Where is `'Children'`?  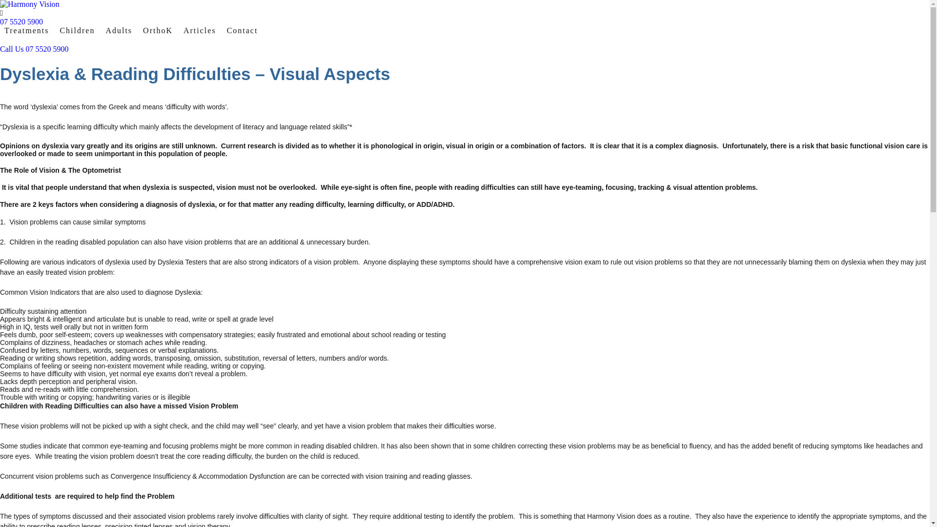 'Children' is located at coordinates (77, 30).